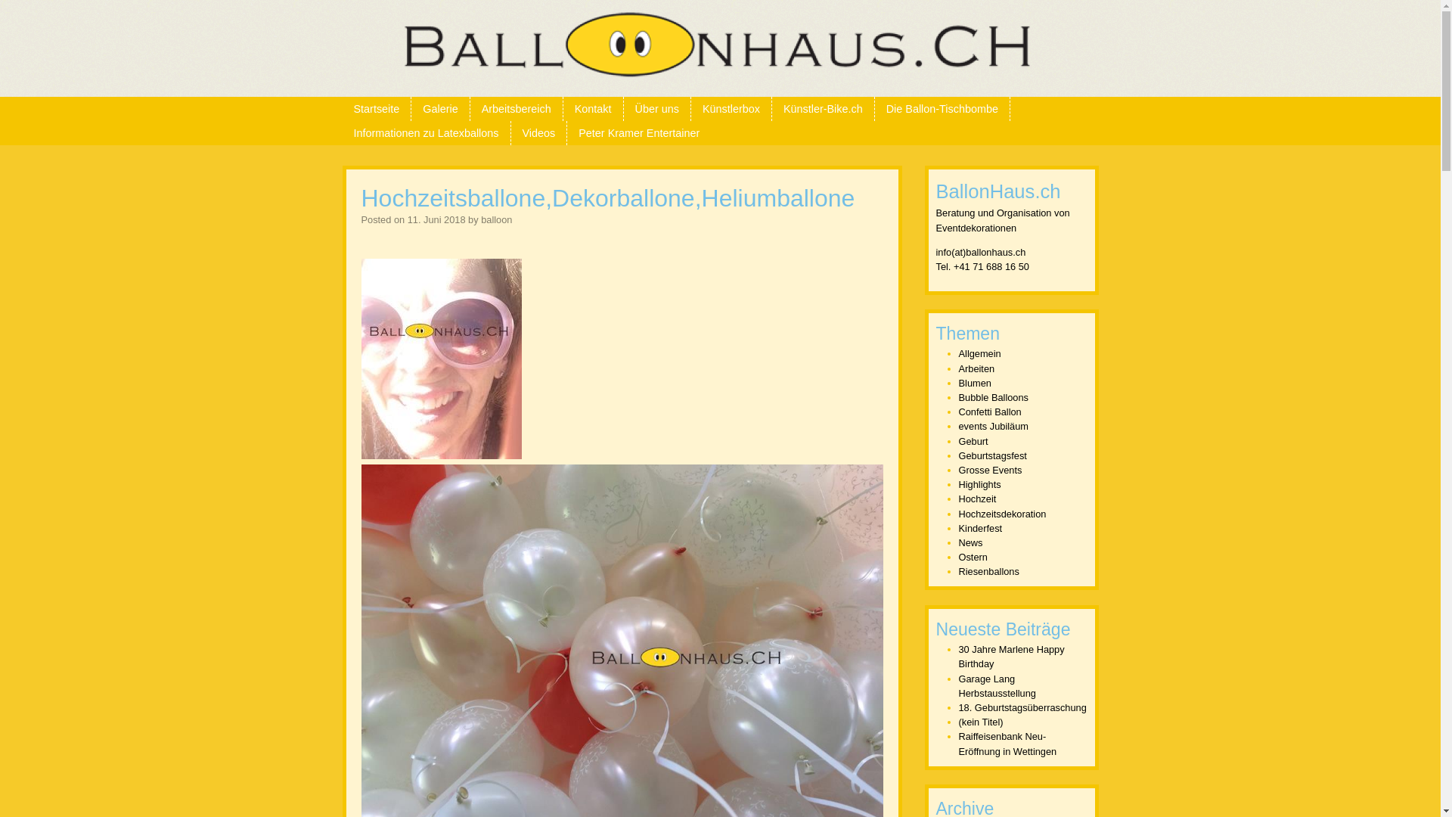  What do you see at coordinates (436, 219) in the screenshot?
I see `'11. Juni 2018'` at bounding box center [436, 219].